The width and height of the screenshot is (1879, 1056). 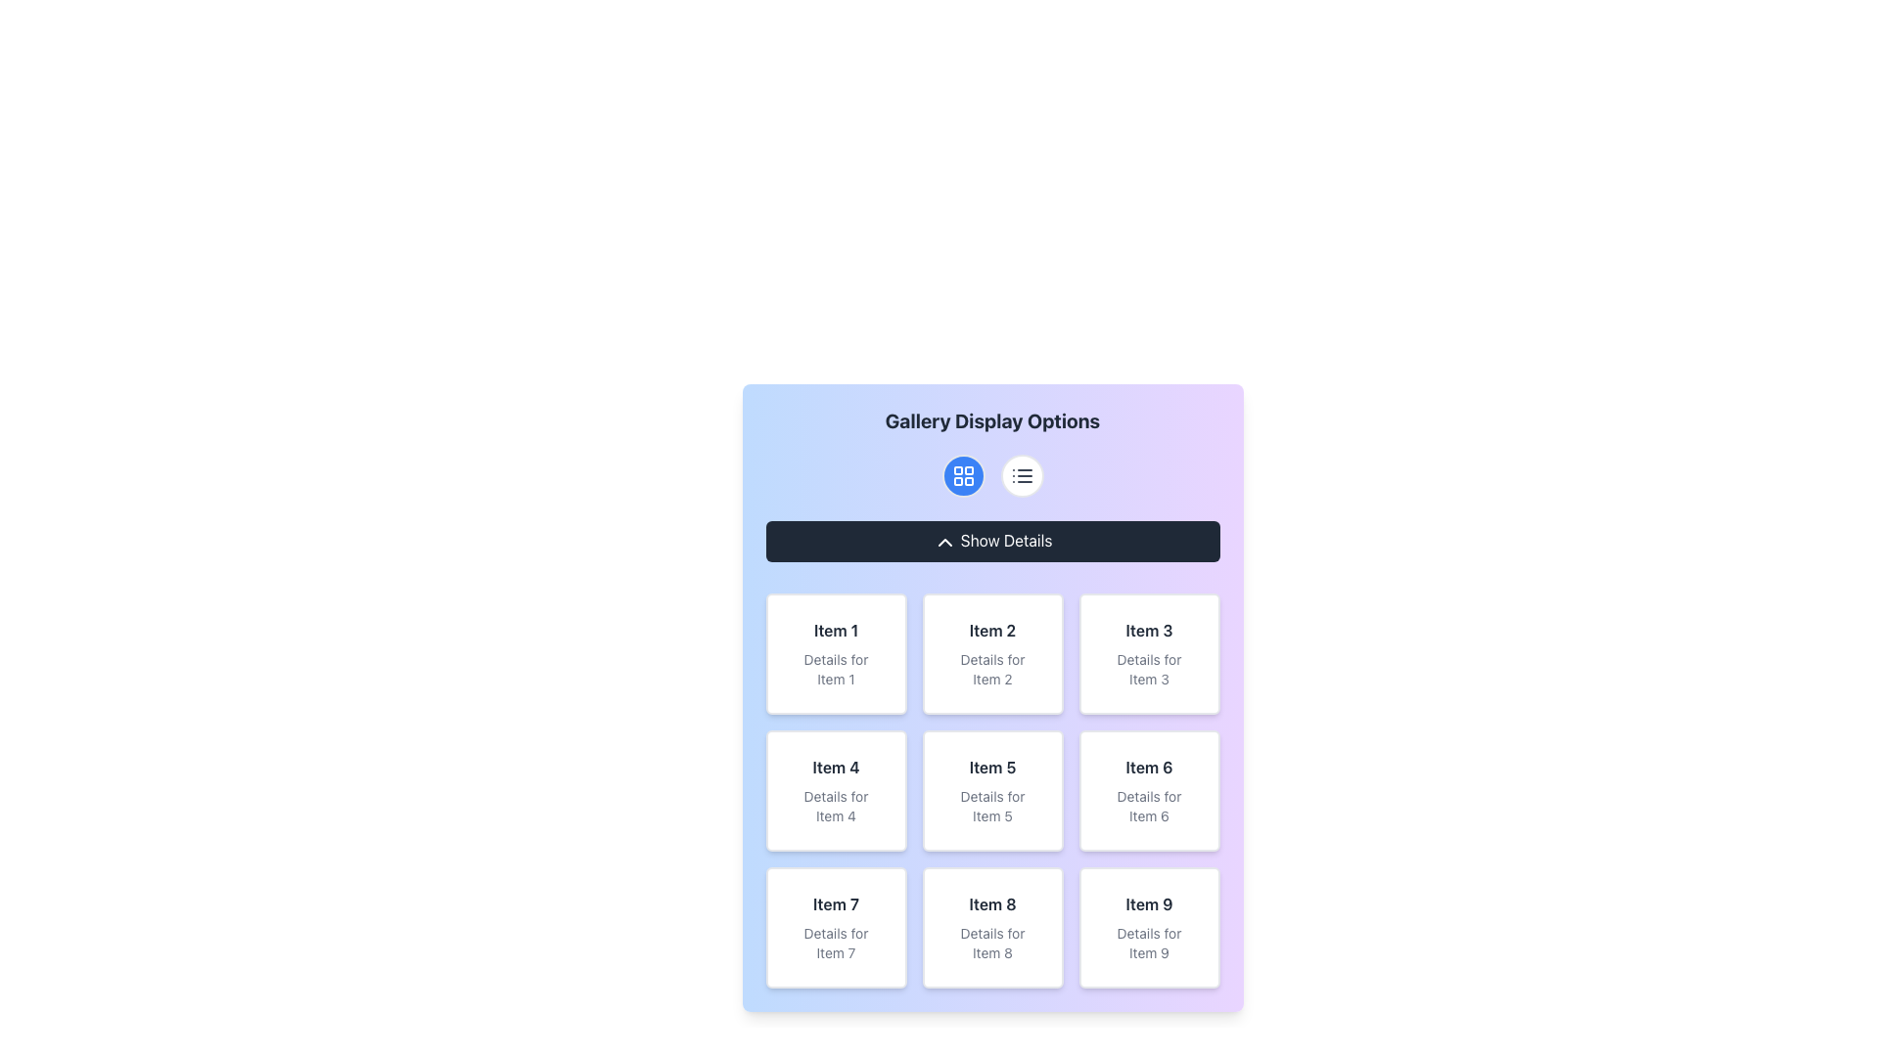 What do you see at coordinates (836, 926) in the screenshot?
I see `the display card for Item 7, which is the first card in the bottom row of a 3x3 grid, located below Item 4` at bounding box center [836, 926].